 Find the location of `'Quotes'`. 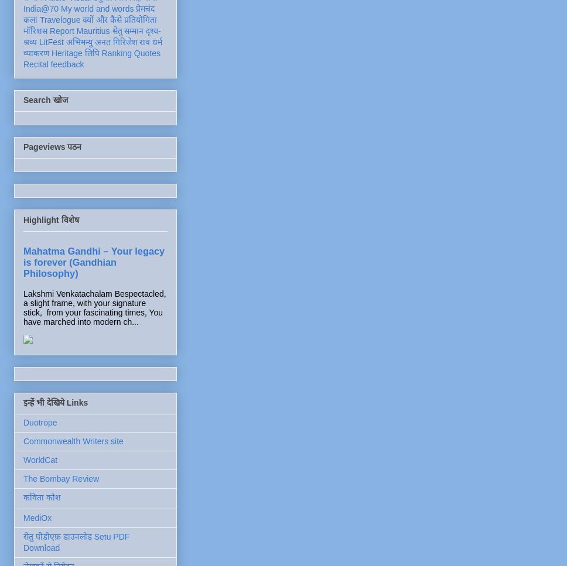

'Quotes' is located at coordinates (147, 53).